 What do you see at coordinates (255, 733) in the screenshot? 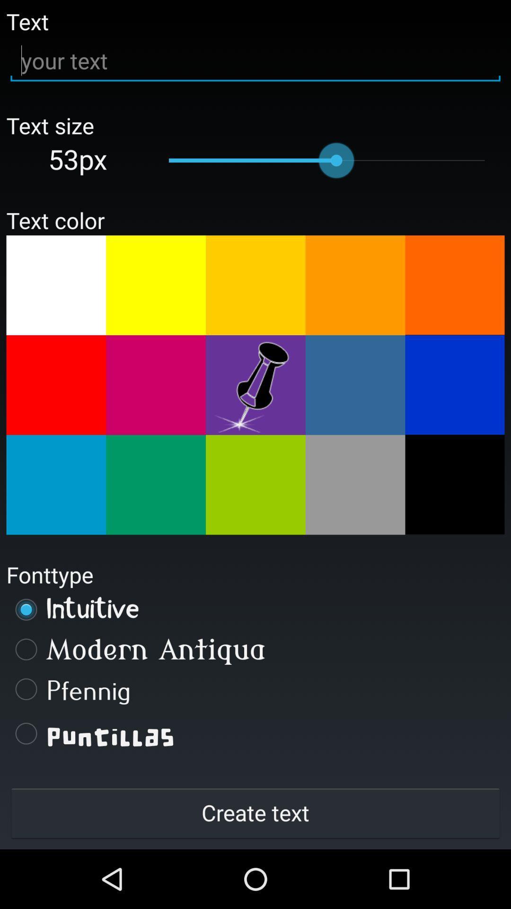
I see `the radio button below the pfennig icon` at bounding box center [255, 733].